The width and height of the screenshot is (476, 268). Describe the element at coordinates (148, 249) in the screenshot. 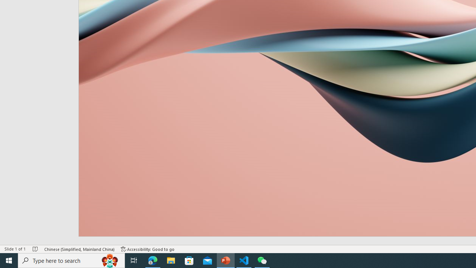

I see `'Accessibility Checker Accessibility: Good to go'` at that location.